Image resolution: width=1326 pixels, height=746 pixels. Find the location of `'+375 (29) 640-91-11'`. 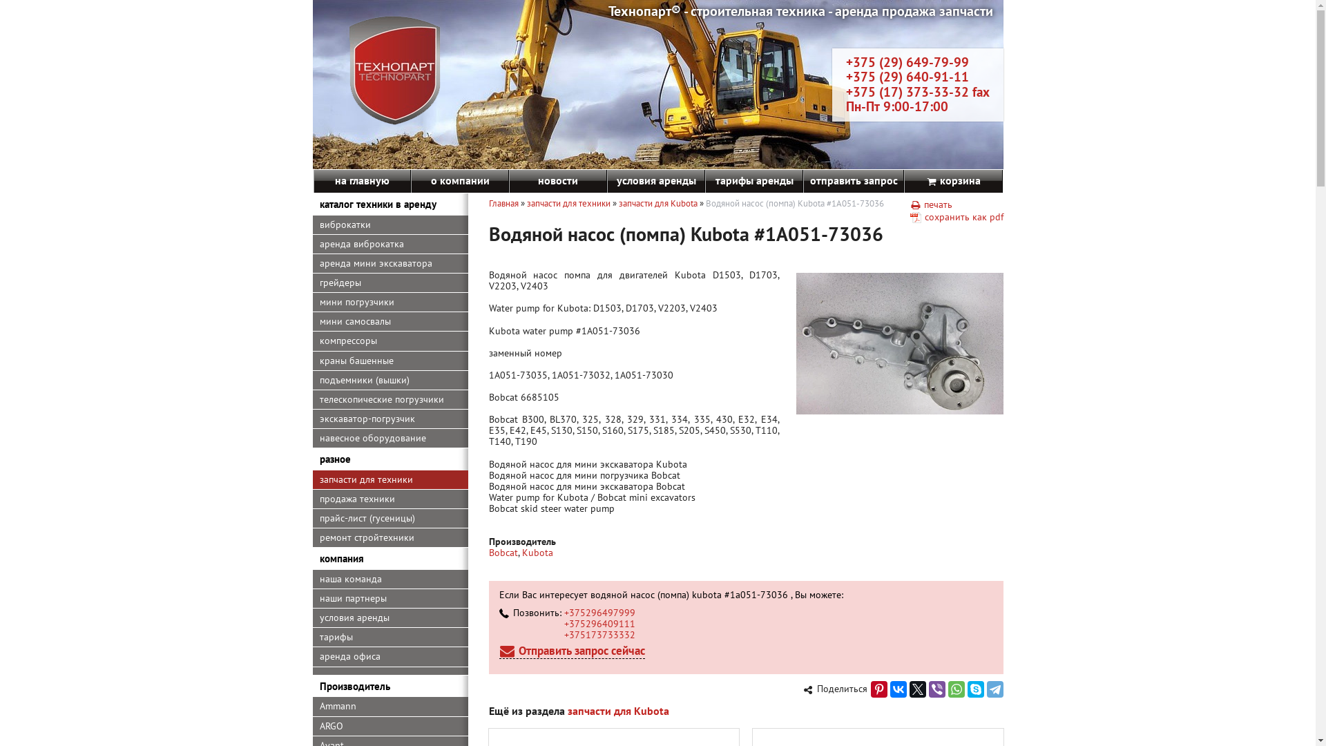

'+375 (29) 640-91-11' is located at coordinates (845, 77).